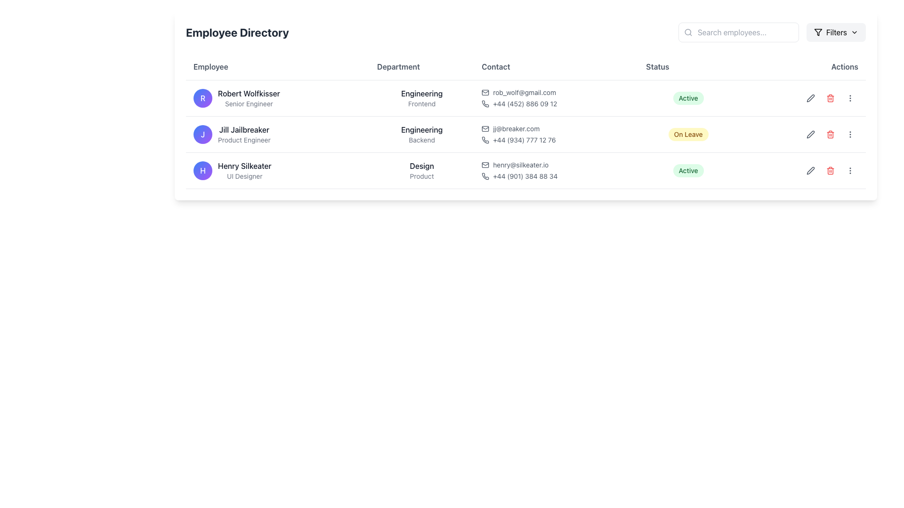  What do you see at coordinates (202, 98) in the screenshot?
I see `the circular avatar representing the user with the letter 'R' in white, located at the leftmost side of the row containing 'Robert Wolfkisser' and 'Senior Engineer'` at bounding box center [202, 98].